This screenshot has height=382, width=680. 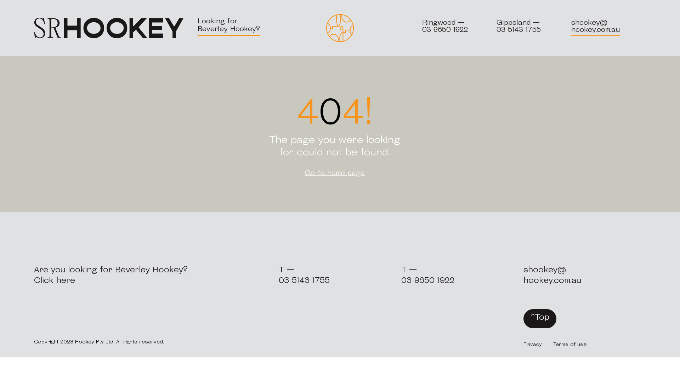 What do you see at coordinates (523, 275) in the screenshot?
I see `'shookey@` at bounding box center [523, 275].